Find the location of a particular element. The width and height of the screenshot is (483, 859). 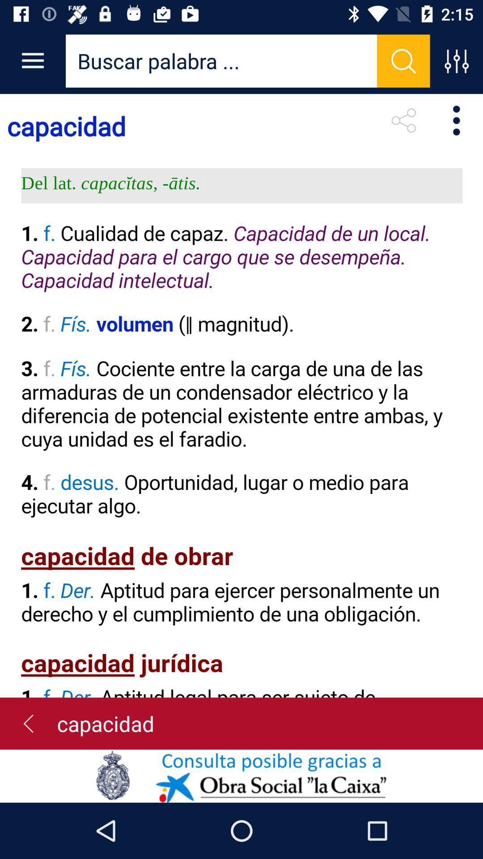

share result is located at coordinates (403, 120).